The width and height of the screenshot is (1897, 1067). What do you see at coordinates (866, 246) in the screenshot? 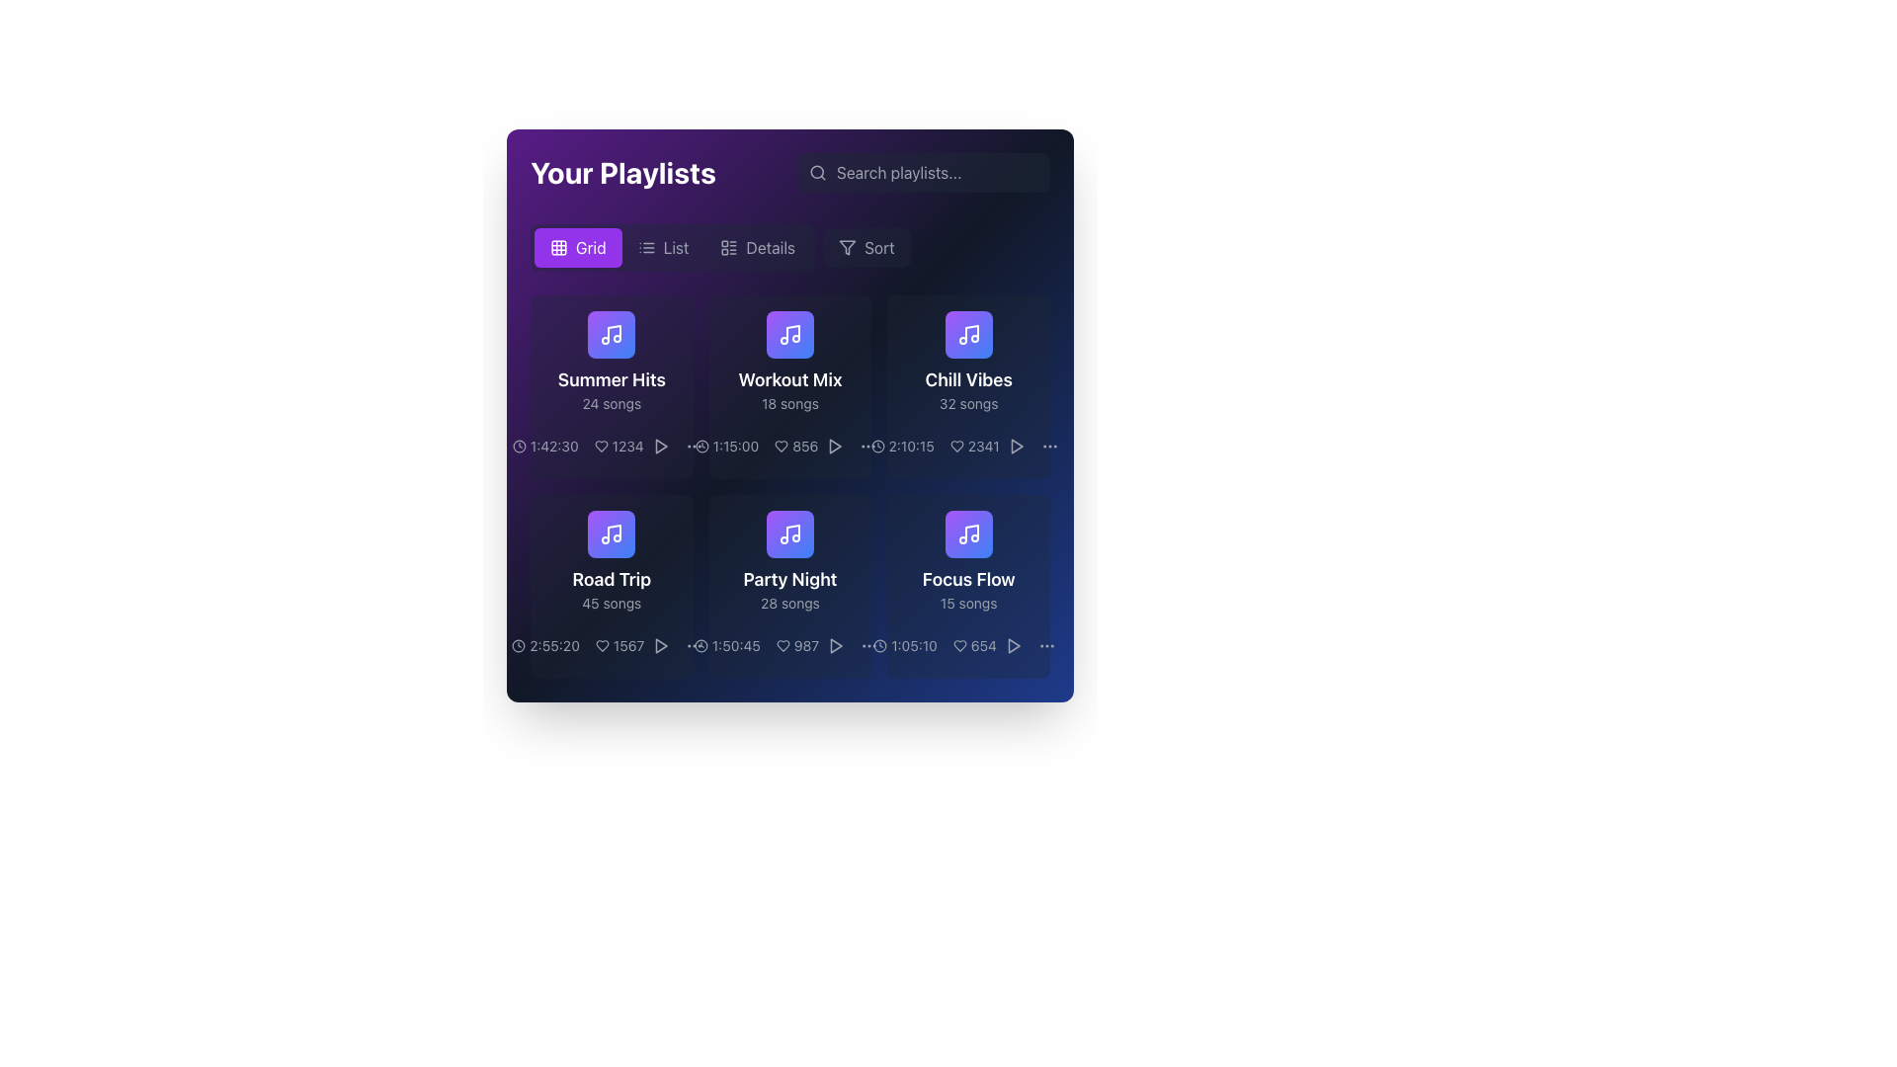
I see `the 'Sort' button located in the top-right area of the playlist interface, which features a dark background, rounded corners, and a filter icon to the left of the light gray text` at bounding box center [866, 246].